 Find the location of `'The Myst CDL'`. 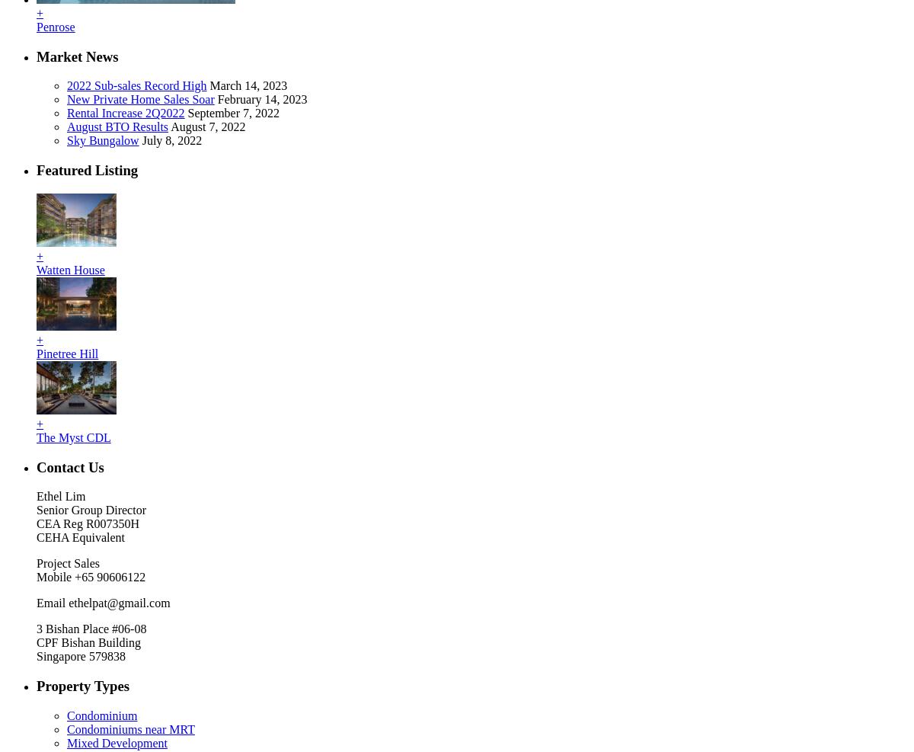

'The Myst CDL' is located at coordinates (73, 436).